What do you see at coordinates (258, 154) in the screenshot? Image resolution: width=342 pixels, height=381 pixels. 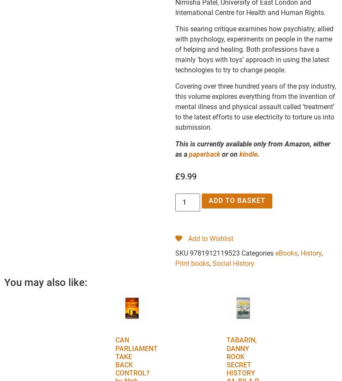 I see `'.'` at bounding box center [258, 154].